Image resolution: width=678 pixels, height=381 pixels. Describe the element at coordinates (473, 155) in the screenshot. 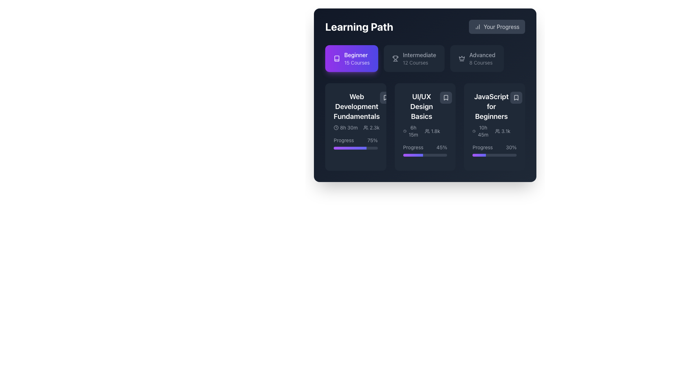

I see `the progress value` at that location.